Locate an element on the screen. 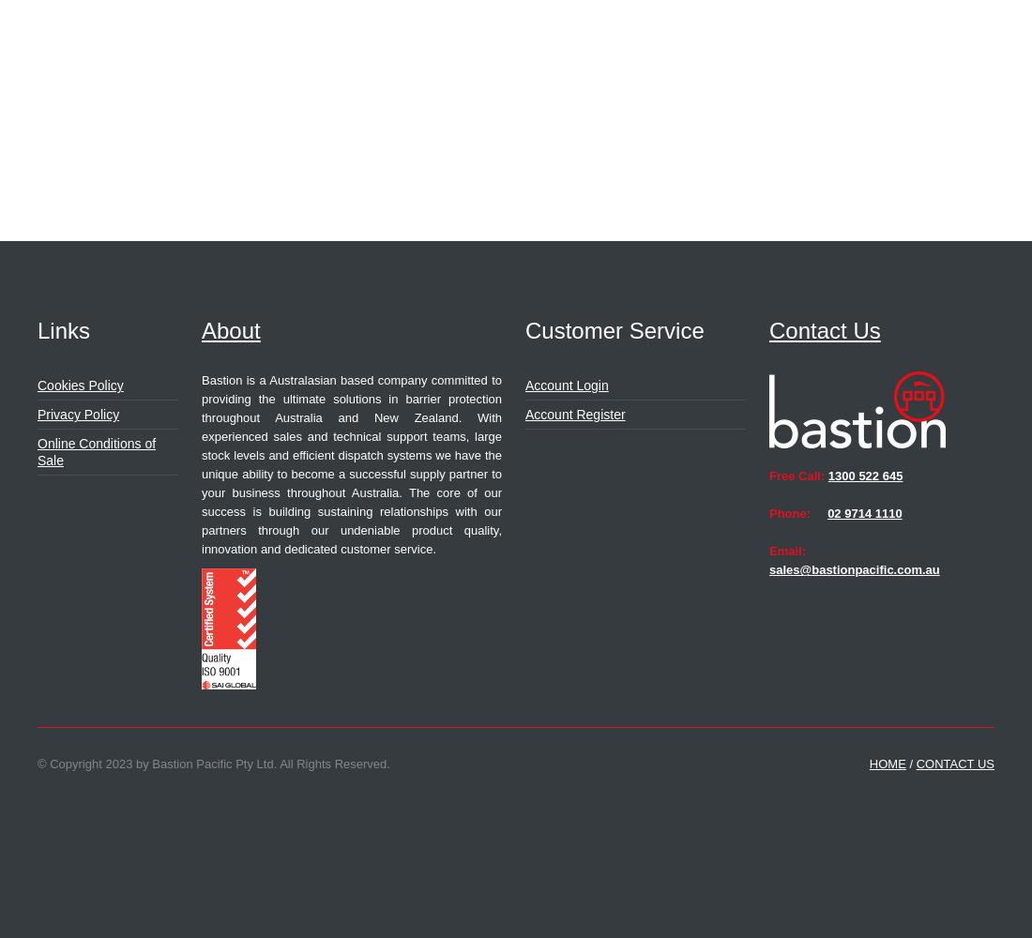 The height and width of the screenshot is (938, 1032). '1300 522 645' is located at coordinates (826, 476).